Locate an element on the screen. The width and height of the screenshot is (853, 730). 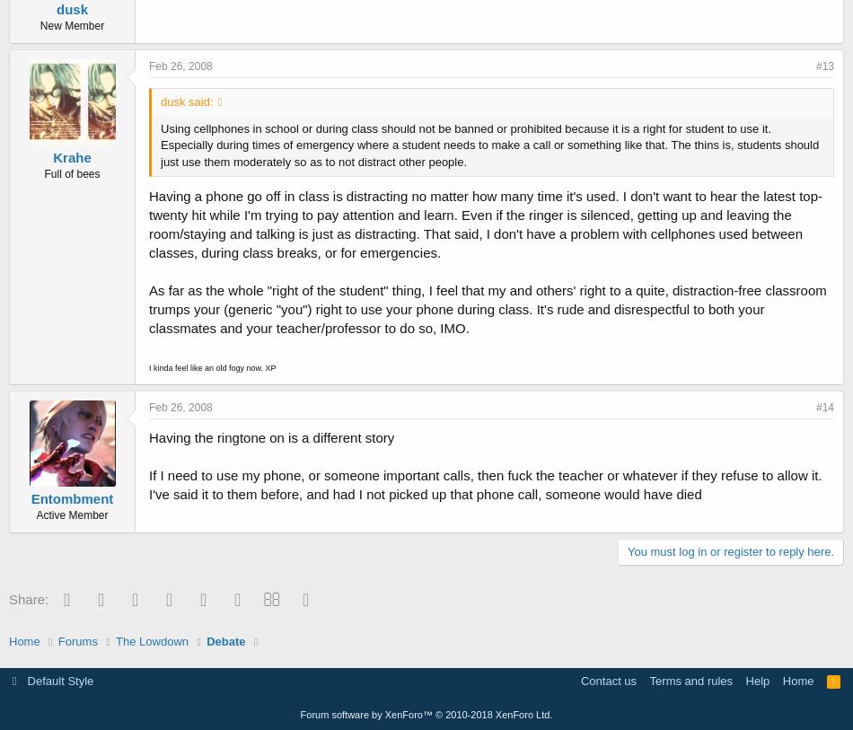
'Full of bees' is located at coordinates (44, 172).